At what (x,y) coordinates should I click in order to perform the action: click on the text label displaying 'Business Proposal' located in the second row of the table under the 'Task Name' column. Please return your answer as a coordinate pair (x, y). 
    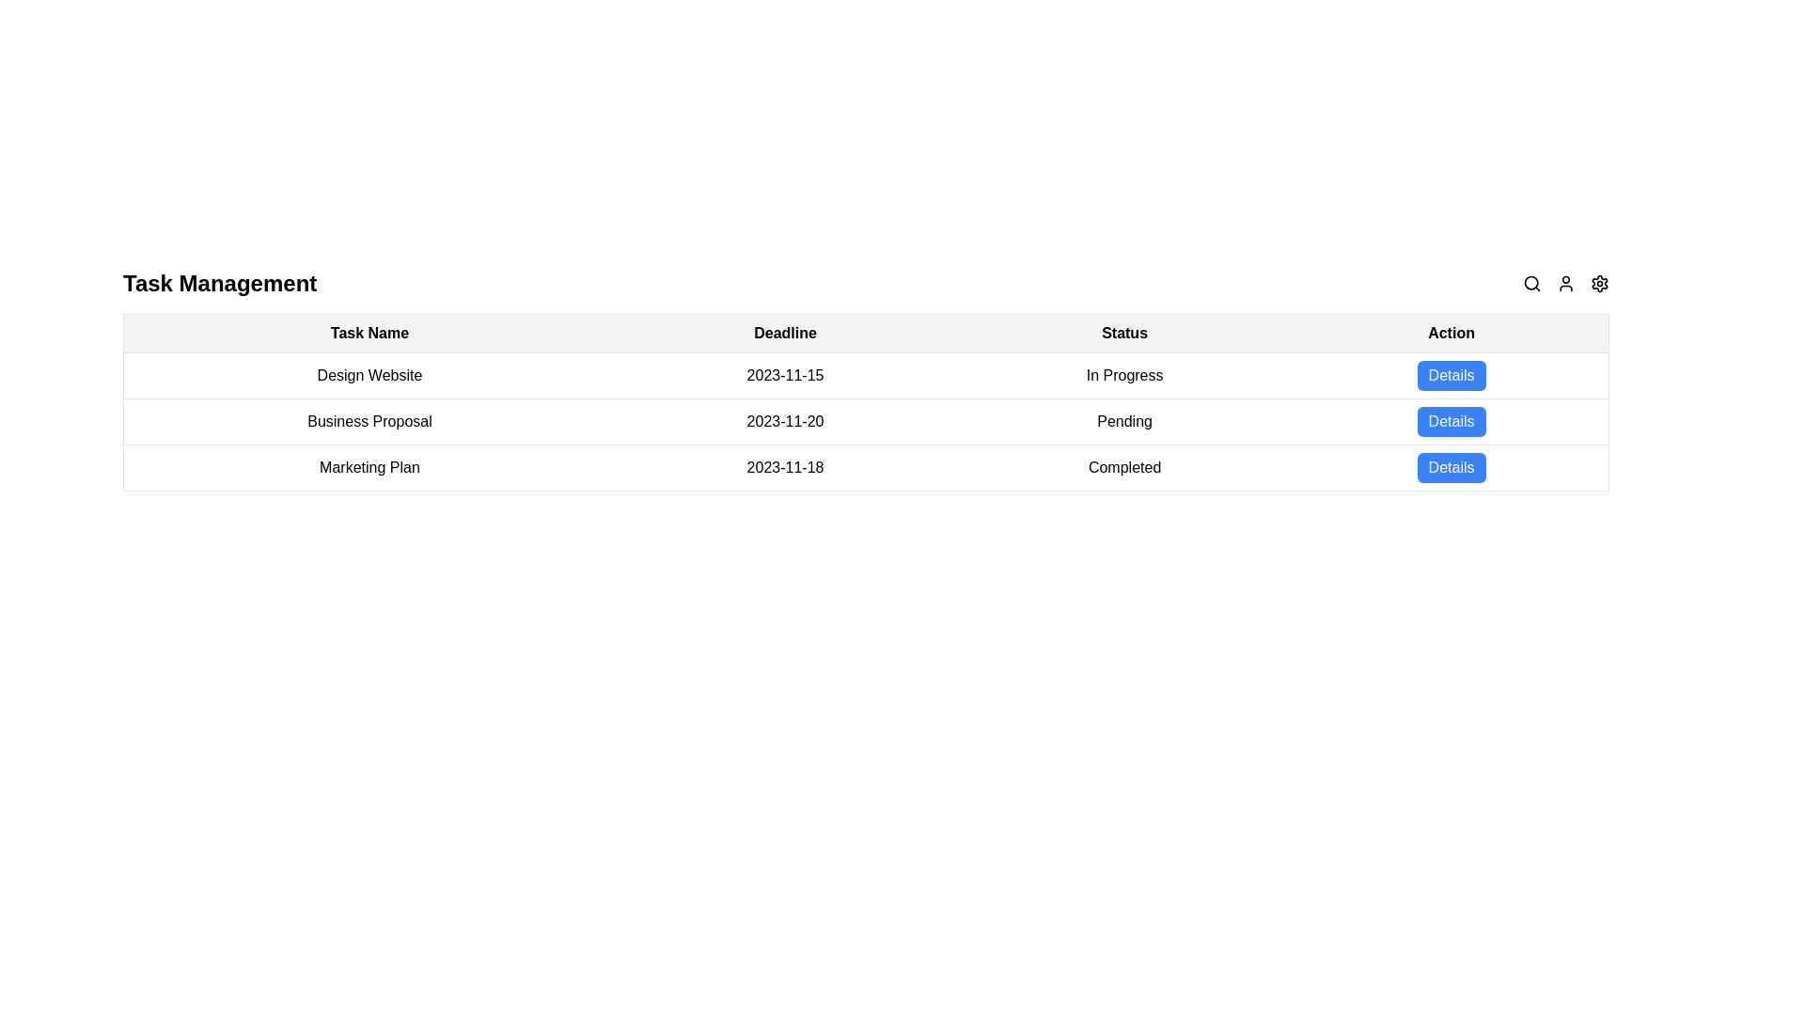
    Looking at the image, I should click on (369, 420).